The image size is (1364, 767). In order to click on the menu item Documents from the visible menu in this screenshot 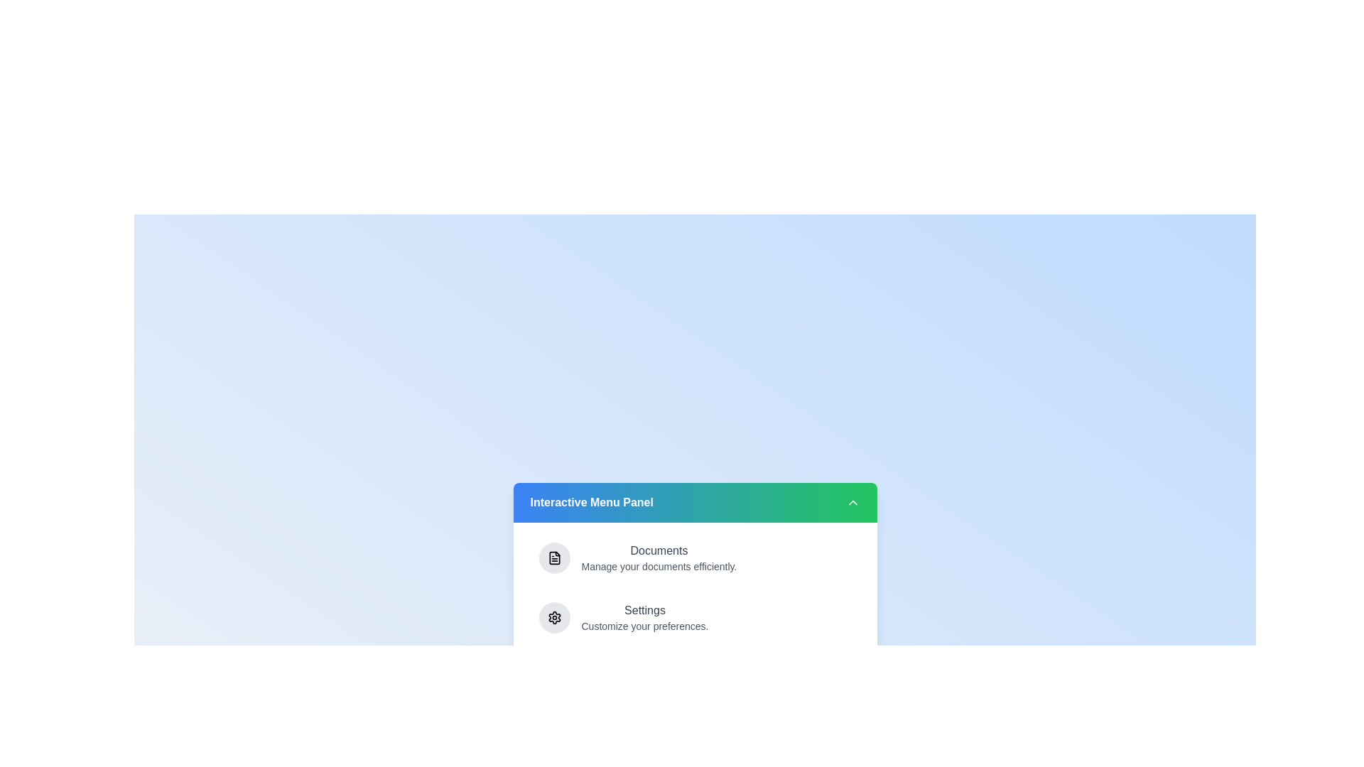, I will do `click(695, 557)`.